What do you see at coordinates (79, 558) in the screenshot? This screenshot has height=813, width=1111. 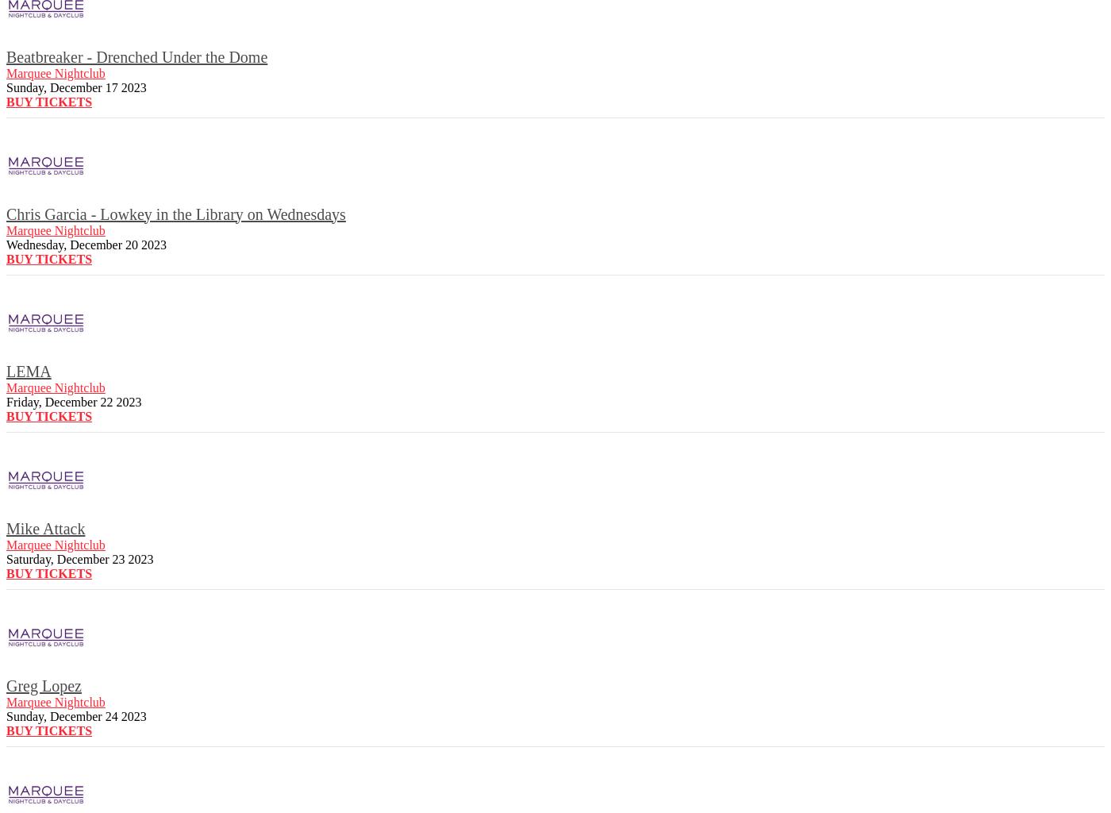 I see `'Saturday, December 23 2023'` at bounding box center [79, 558].